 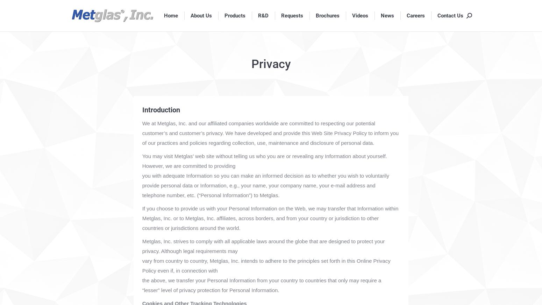 I want to click on 'Products', so click(x=234, y=15).